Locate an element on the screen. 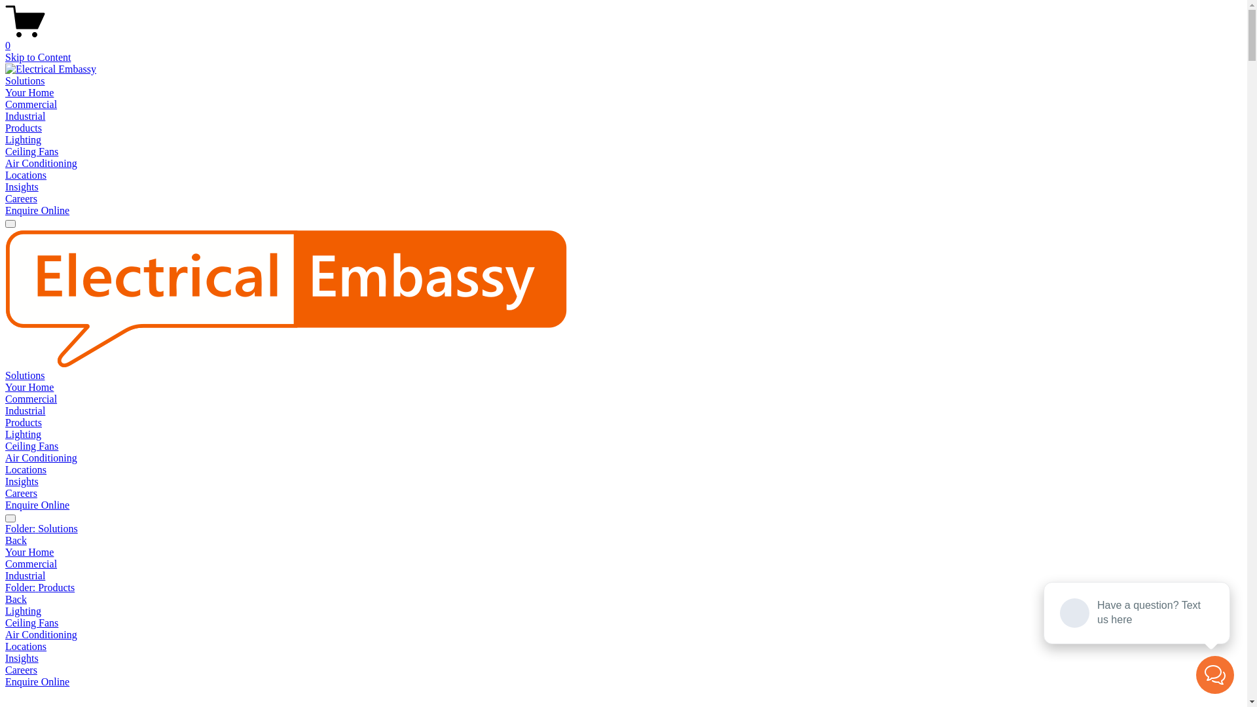  'Careers' is located at coordinates (5, 670).